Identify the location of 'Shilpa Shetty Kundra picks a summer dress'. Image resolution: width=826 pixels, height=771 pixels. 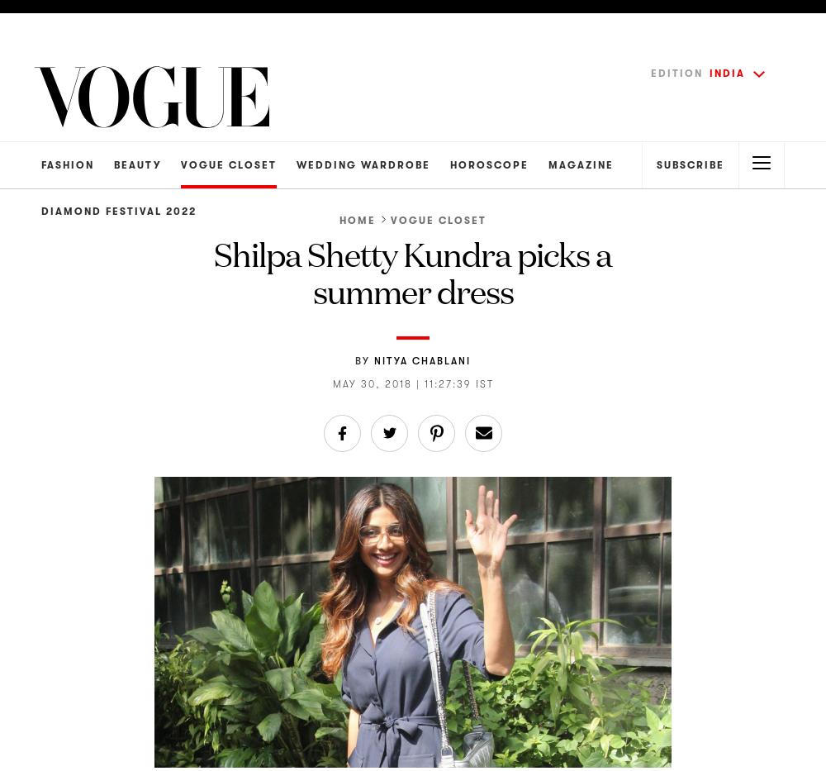
(413, 270).